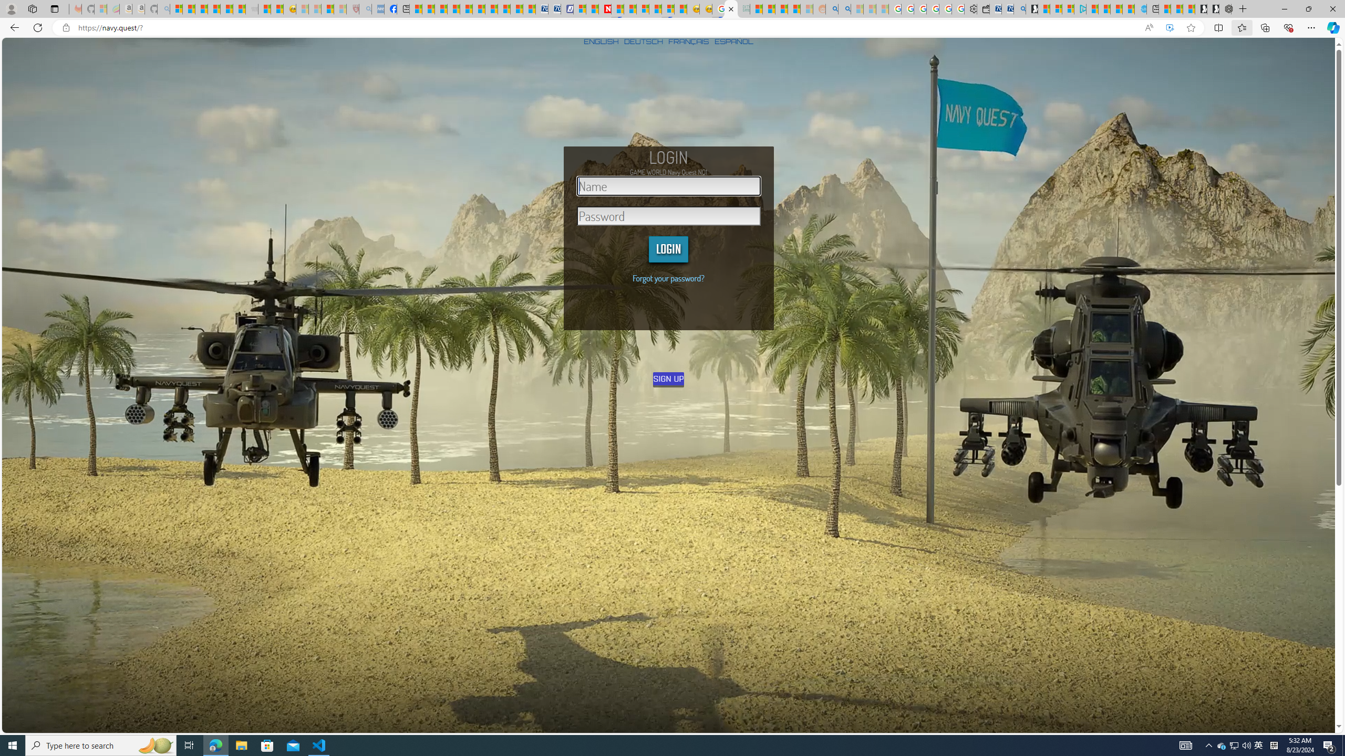 This screenshot has height=756, width=1345. What do you see at coordinates (1140, 8) in the screenshot?
I see `'Home | Sky Blue Bikes - Sky Blue Bikes'` at bounding box center [1140, 8].